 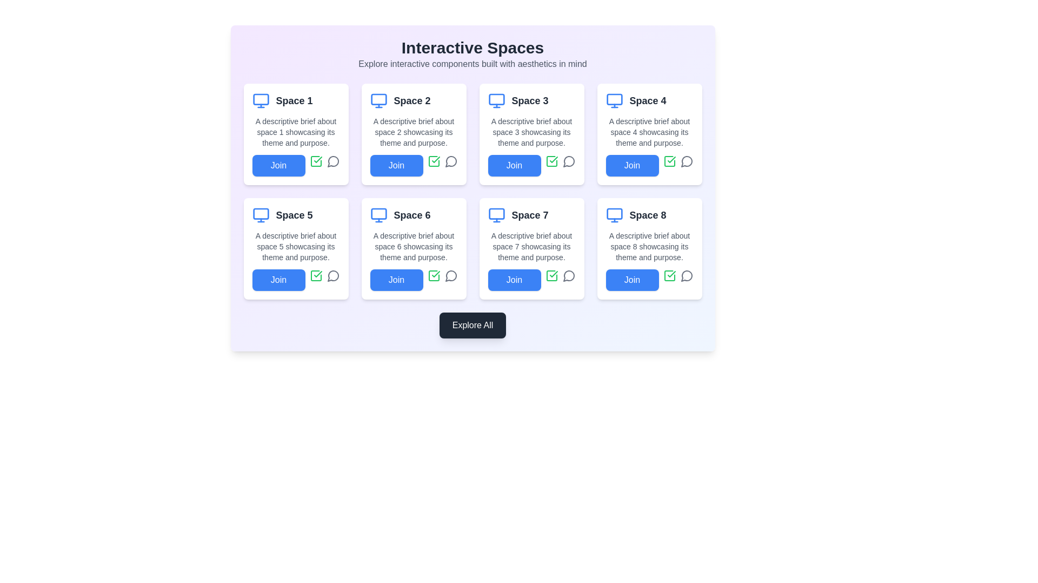 I want to click on the green check mark icon located on the 'Space 4' Card Component in the top-right corner of the grid under the 'Interactive Spaces' section, so click(x=649, y=134).